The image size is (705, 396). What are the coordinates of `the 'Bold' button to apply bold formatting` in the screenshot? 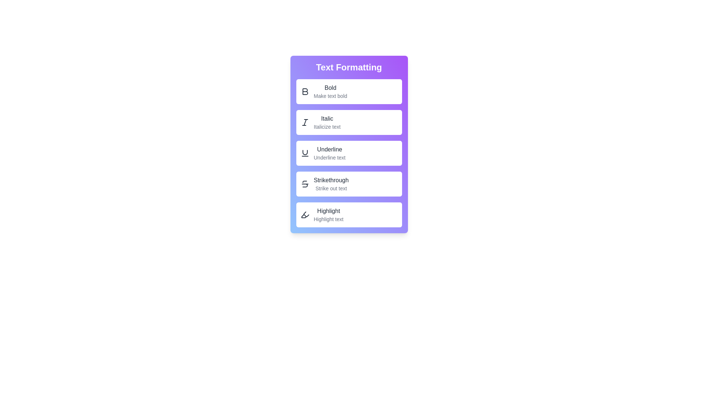 It's located at (348, 91).